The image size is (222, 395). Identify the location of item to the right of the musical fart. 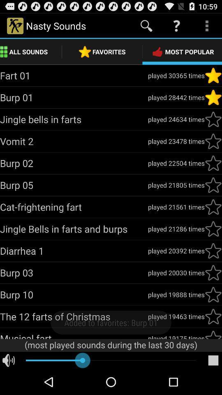
(176, 336).